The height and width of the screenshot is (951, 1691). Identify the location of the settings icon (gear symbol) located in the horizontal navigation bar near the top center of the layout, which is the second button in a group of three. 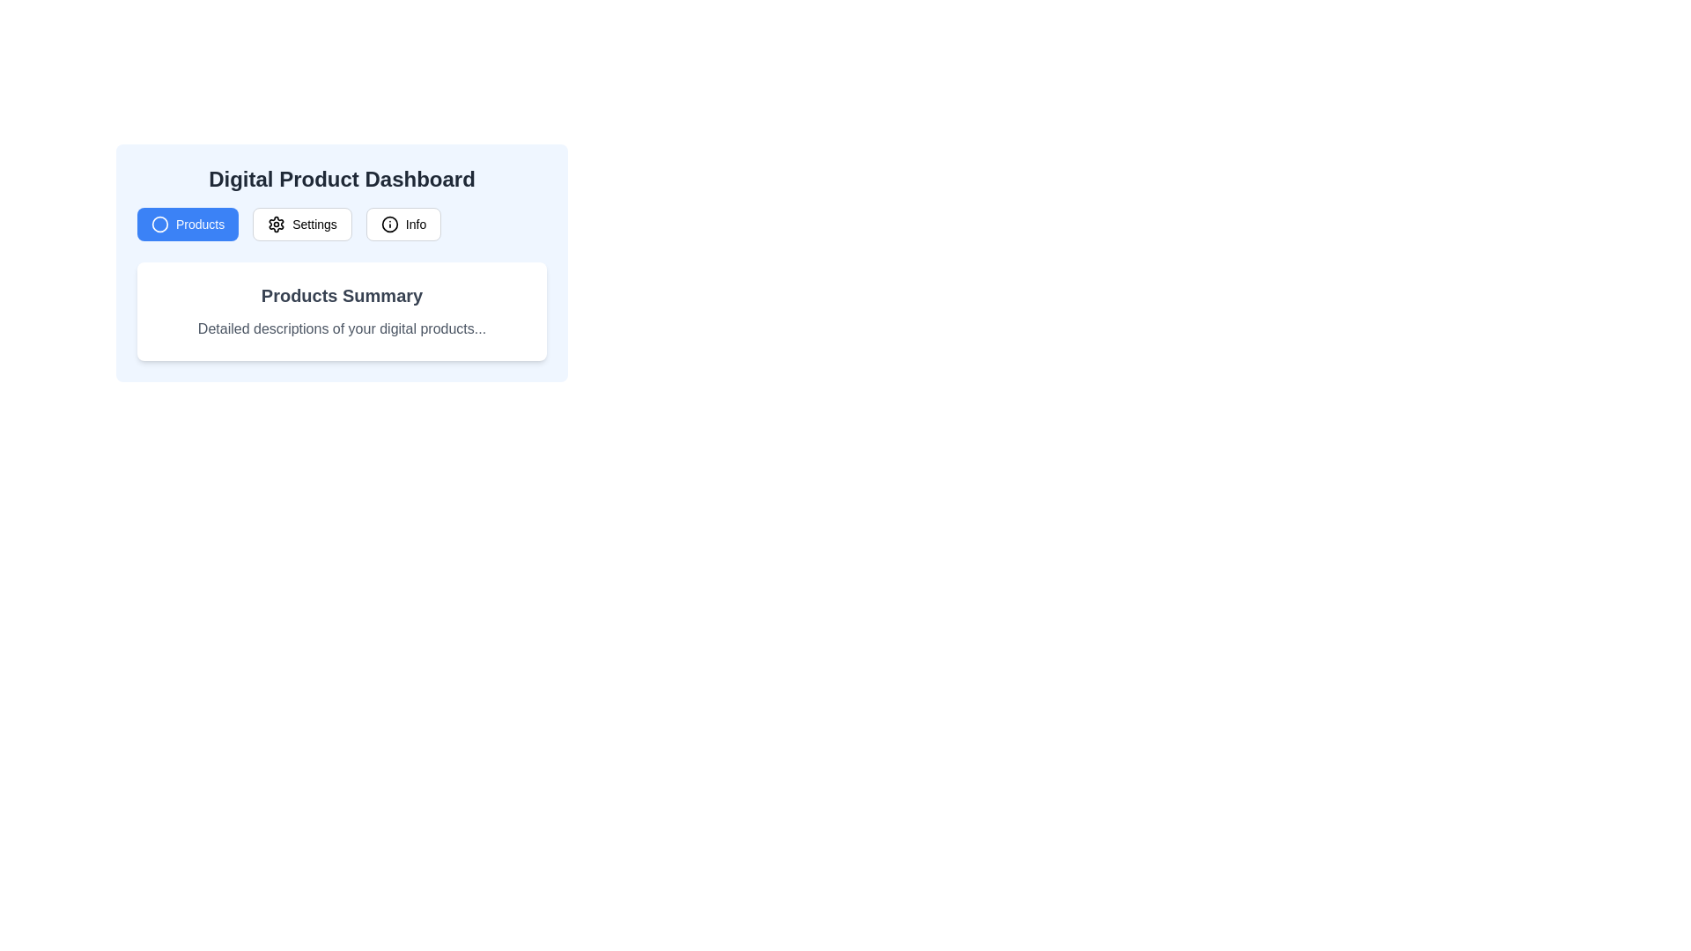
(276, 223).